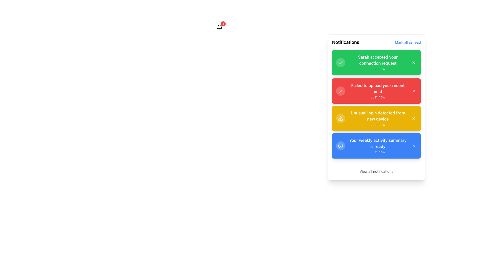  Describe the element at coordinates (341, 118) in the screenshot. I see `the yellow triangular SVG icon that serves as a visual warning or alert symbol in the notification section when it becomes interactive` at that location.